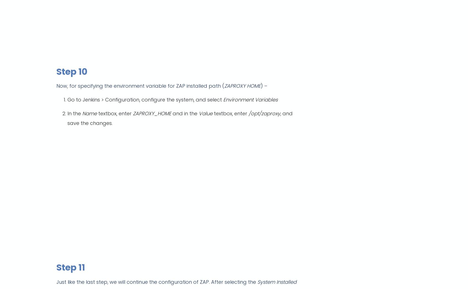 Image resolution: width=468 pixels, height=289 pixels. What do you see at coordinates (249, 113) in the screenshot?
I see `'/opt/zaproxy,'` at bounding box center [249, 113].